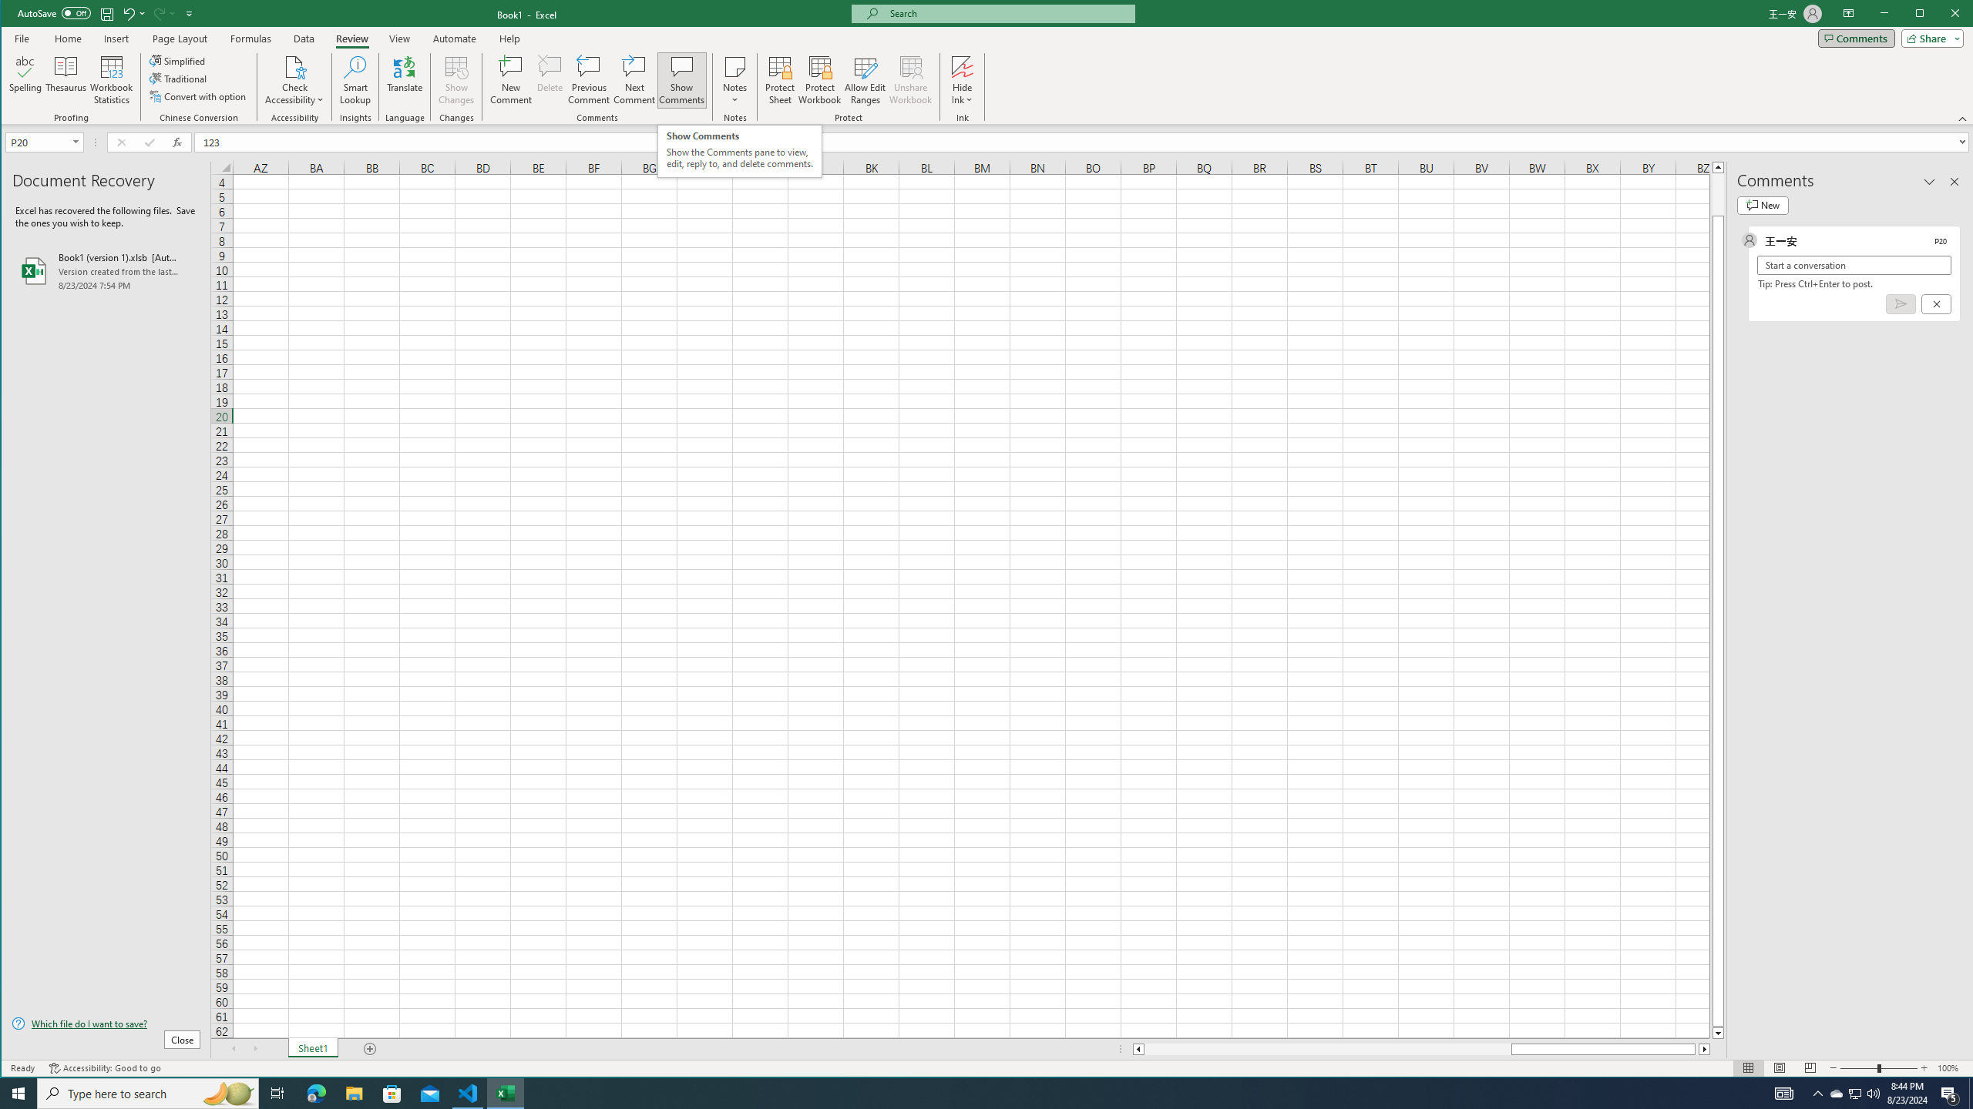 The width and height of the screenshot is (1973, 1109). Describe the element at coordinates (550, 79) in the screenshot. I see `'Delete'` at that location.